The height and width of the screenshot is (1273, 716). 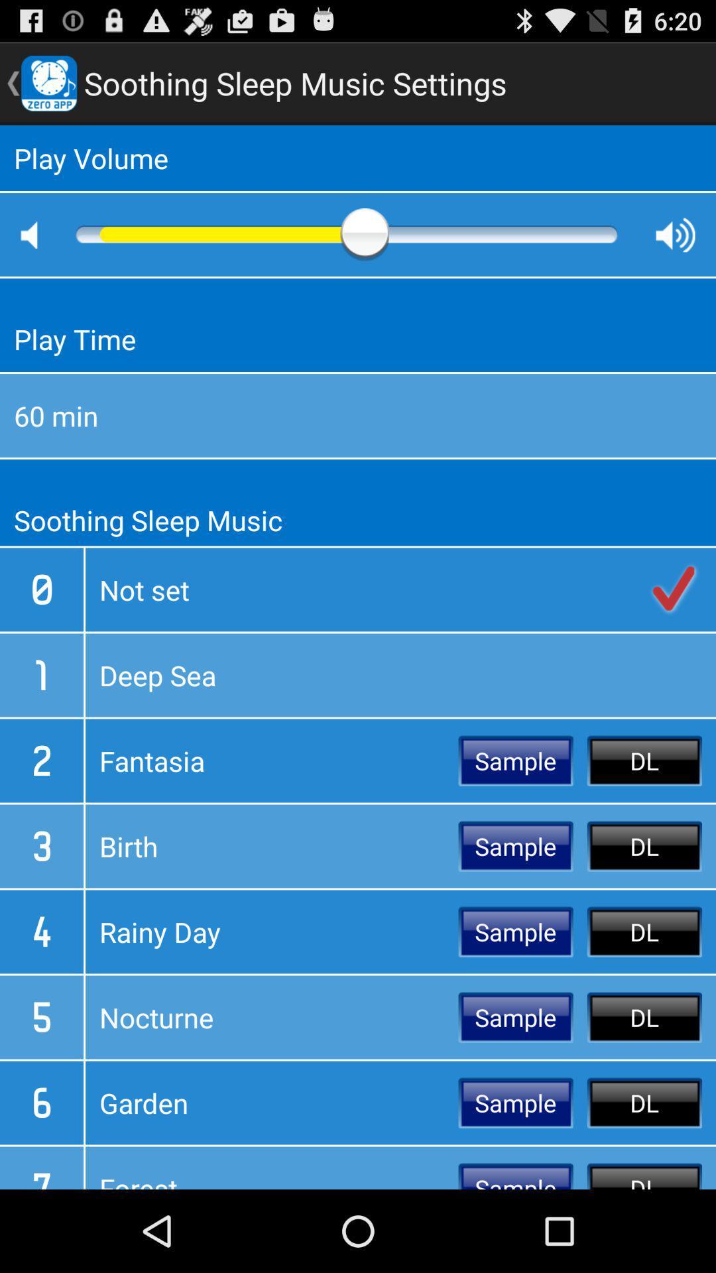 What do you see at coordinates (271, 931) in the screenshot?
I see `the rainy day icon` at bounding box center [271, 931].